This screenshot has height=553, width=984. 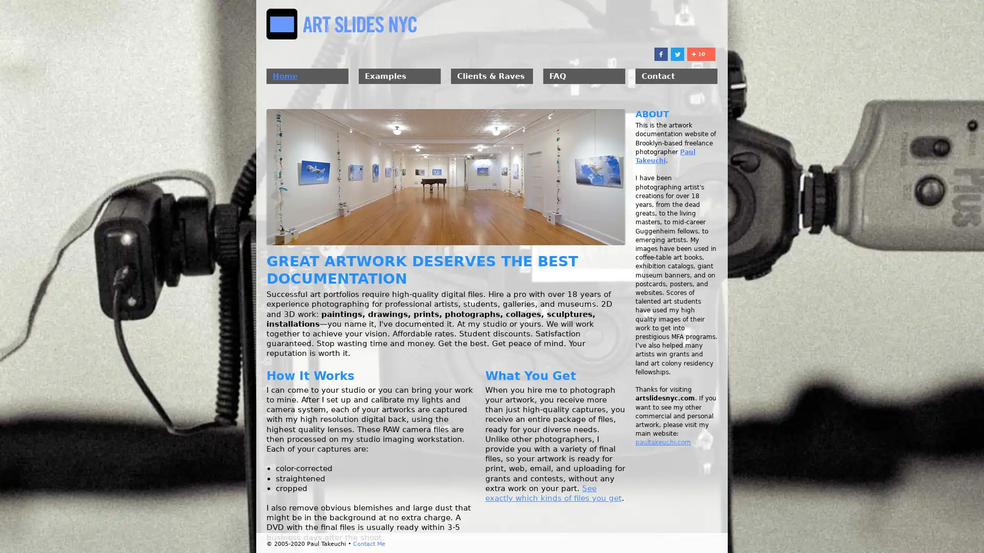 What do you see at coordinates (664, 53) in the screenshot?
I see `Share to Facebook` at bounding box center [664, 53].